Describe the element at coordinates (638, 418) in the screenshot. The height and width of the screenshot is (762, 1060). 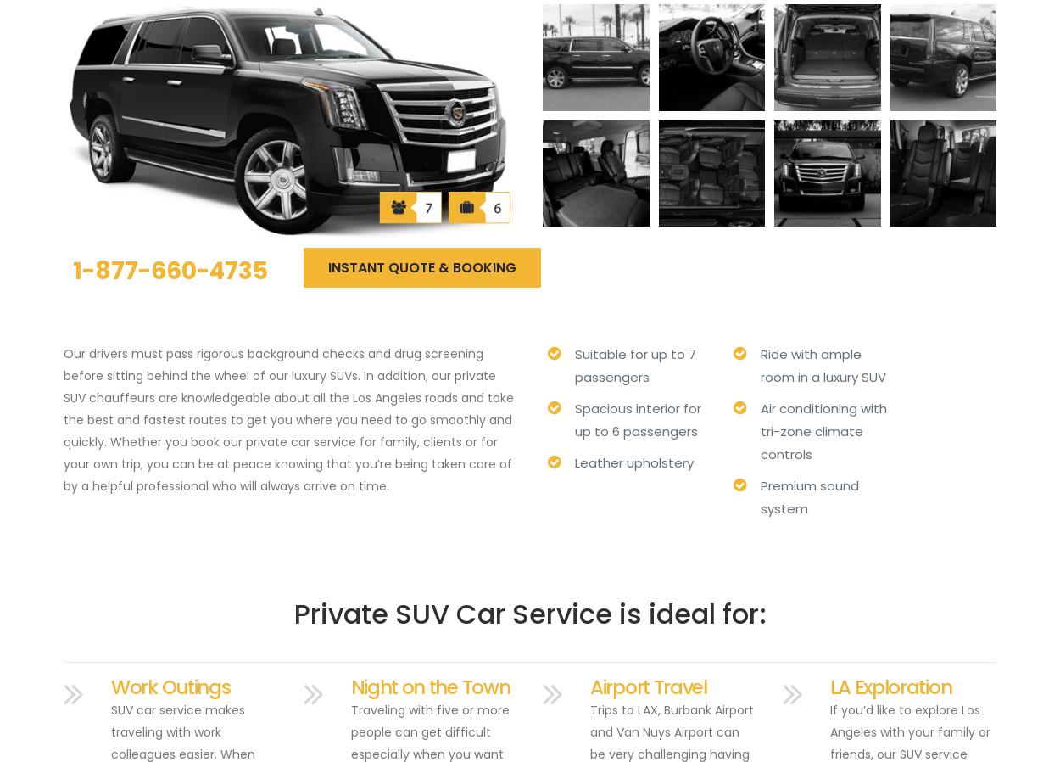
I see `'Spacious interior for up to 6 passengers'` at that location.